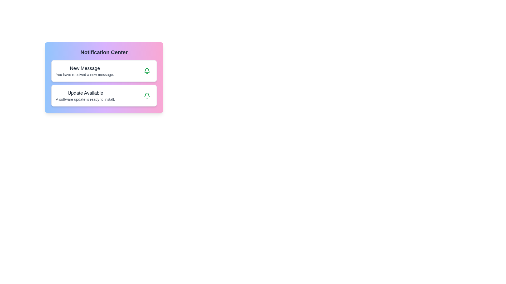 The width and height of the screenshot is (506, 284). I want to click on the green bell icon positioned in the upper right side of the first notification card, near the text 'New Message', so click(147, 95).